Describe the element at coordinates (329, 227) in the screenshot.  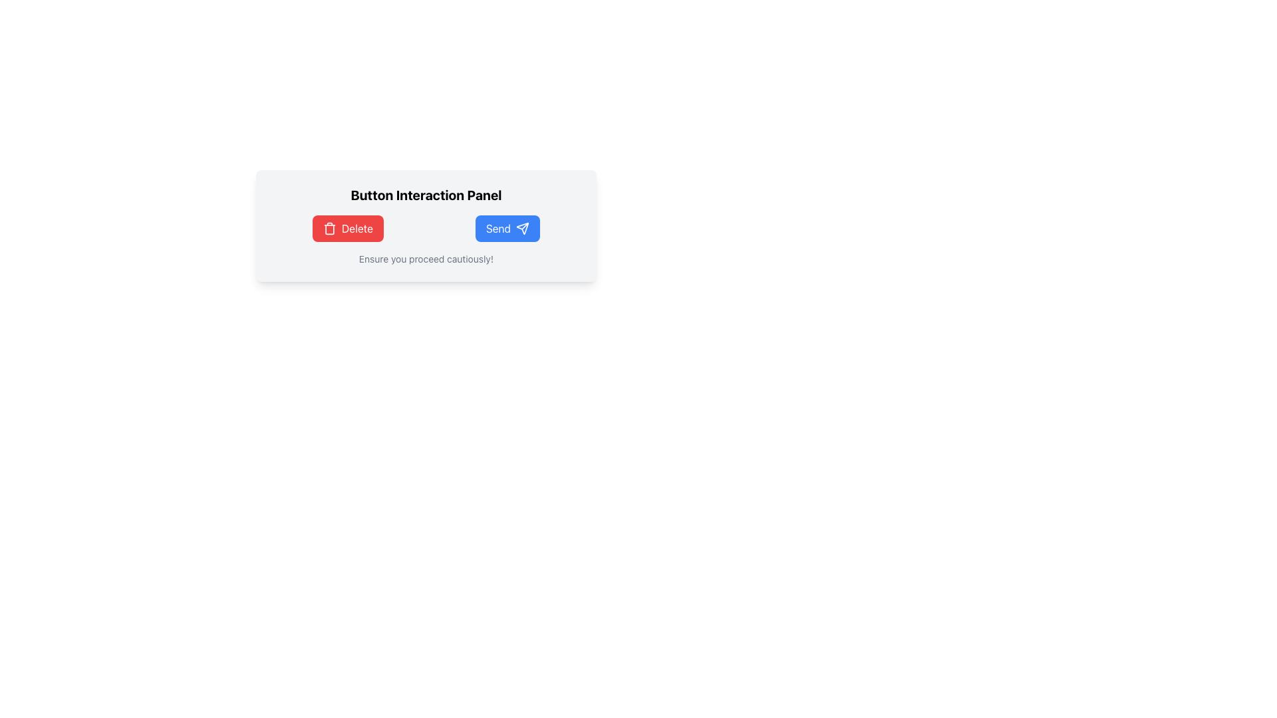
I see `the deletion icon located to the left of the 'Delete' label within the button on the left side of the 'Button Interaction Panel'` at that location.